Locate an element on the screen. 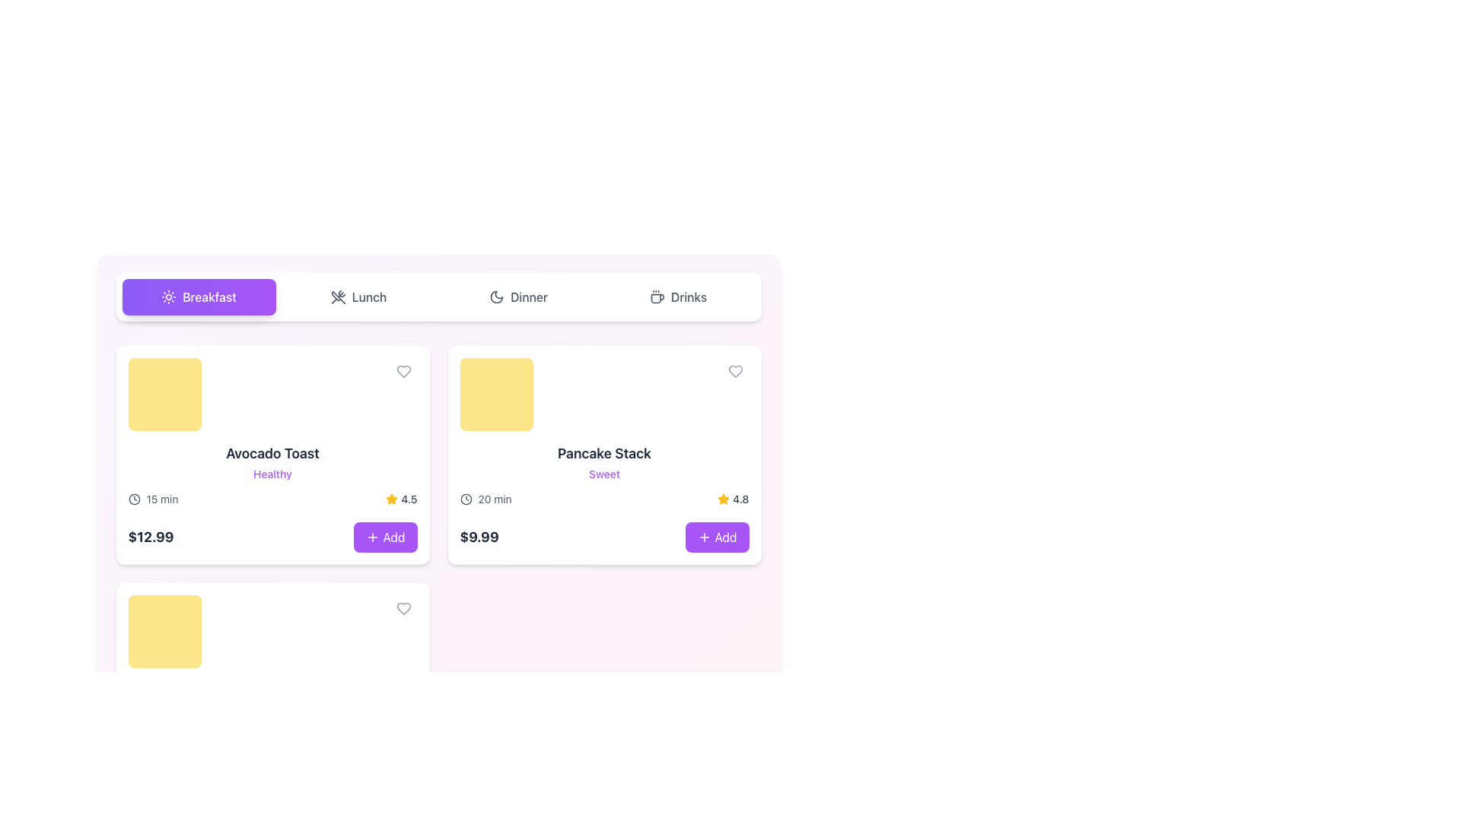 The height and width of the screenshot is (821, 1461). the interactive card titled 'Avocado Toast' with a yellow image placeholder at the top-left corner is located at coordinates (272, 454).